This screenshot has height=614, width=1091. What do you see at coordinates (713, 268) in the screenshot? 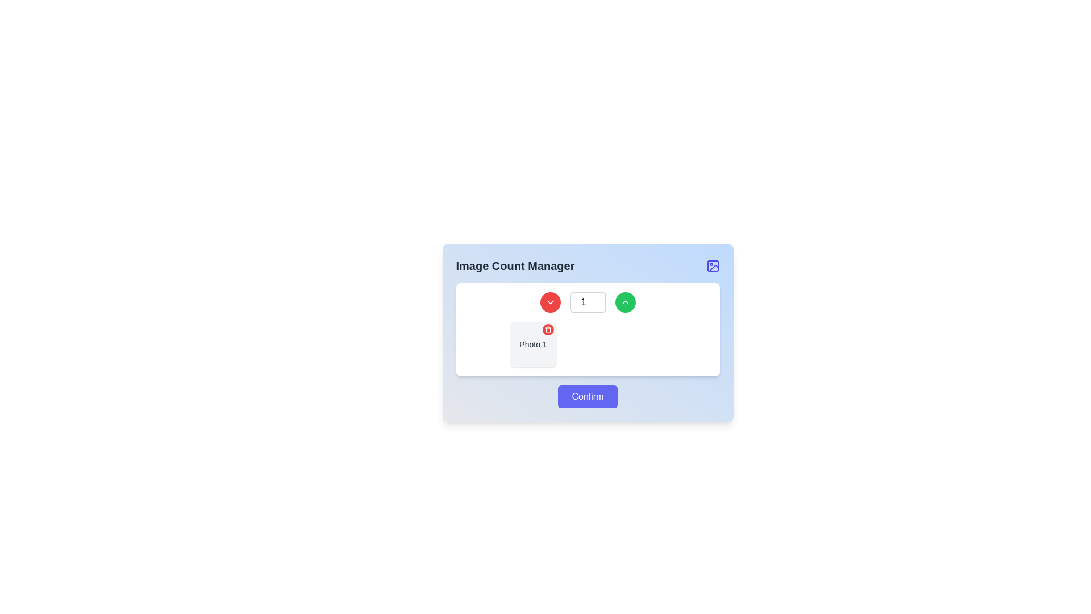
I see `the lower-right part of the stylized image indicator icon in the header of the 'Image Count Manager' interface` at bounding box center [713, 268].